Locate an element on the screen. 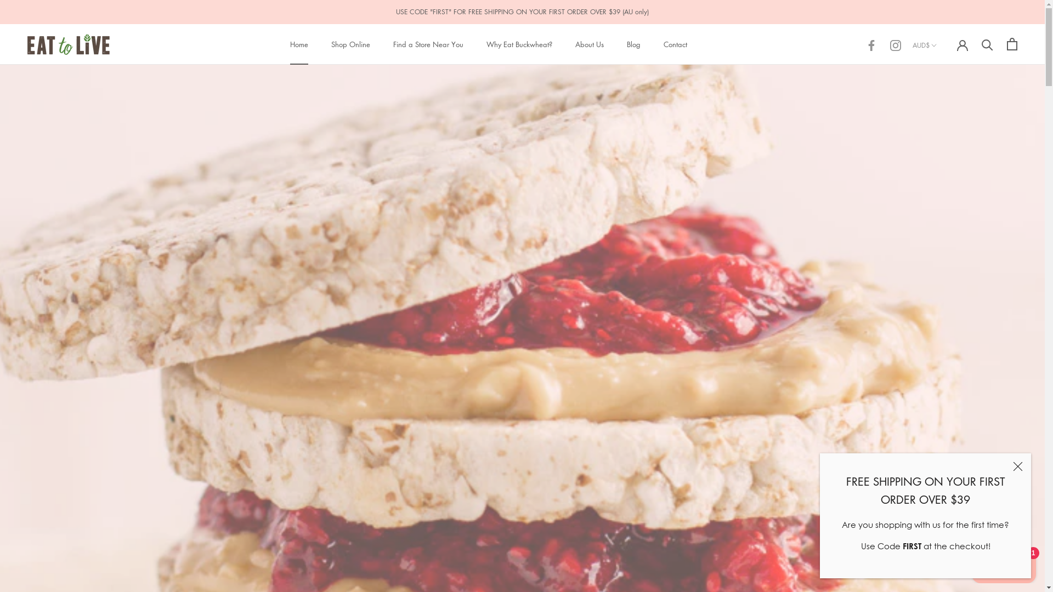  'Blog is located at coordinates (633, 43).